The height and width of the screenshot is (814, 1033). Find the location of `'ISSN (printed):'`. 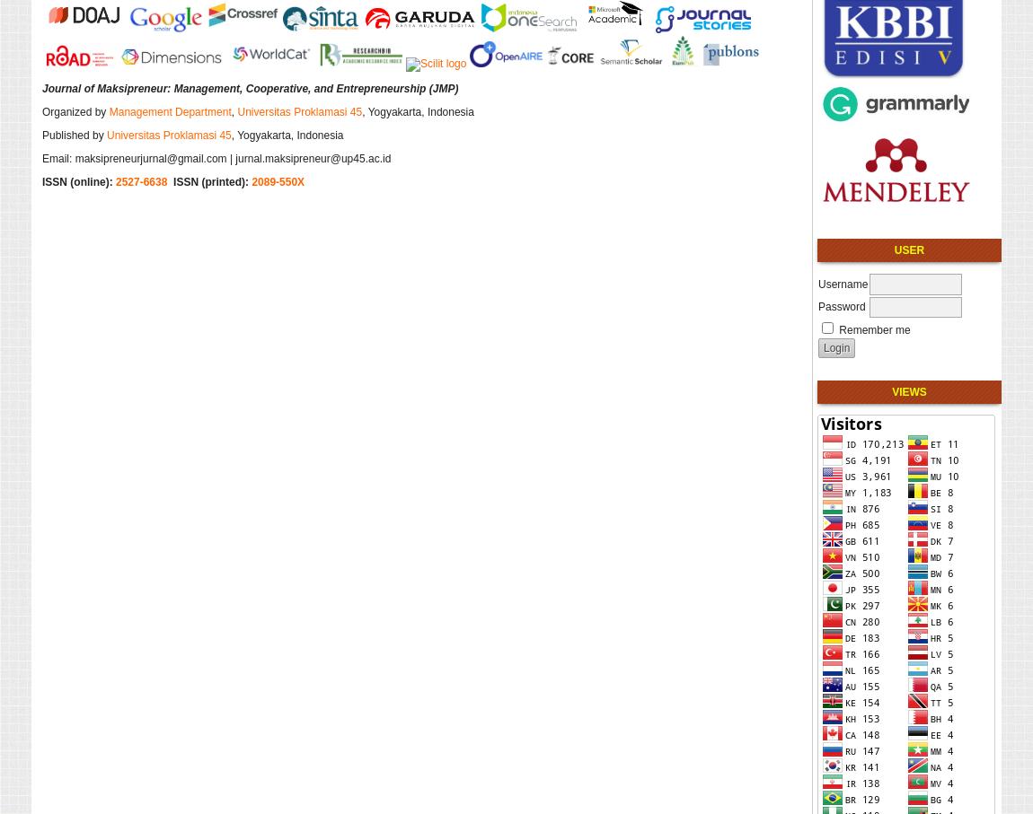

'ISSN (printed):' is located at coordinates (211, 179).